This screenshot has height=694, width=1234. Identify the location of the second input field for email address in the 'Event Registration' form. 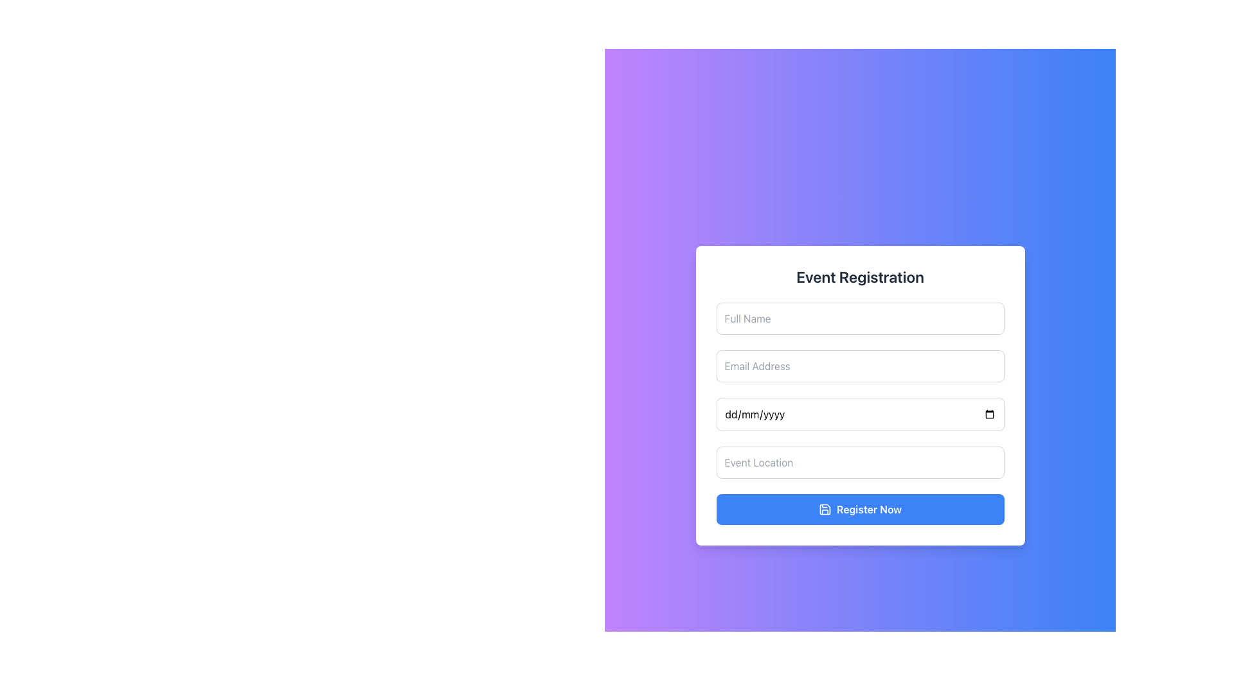
(860, 366).